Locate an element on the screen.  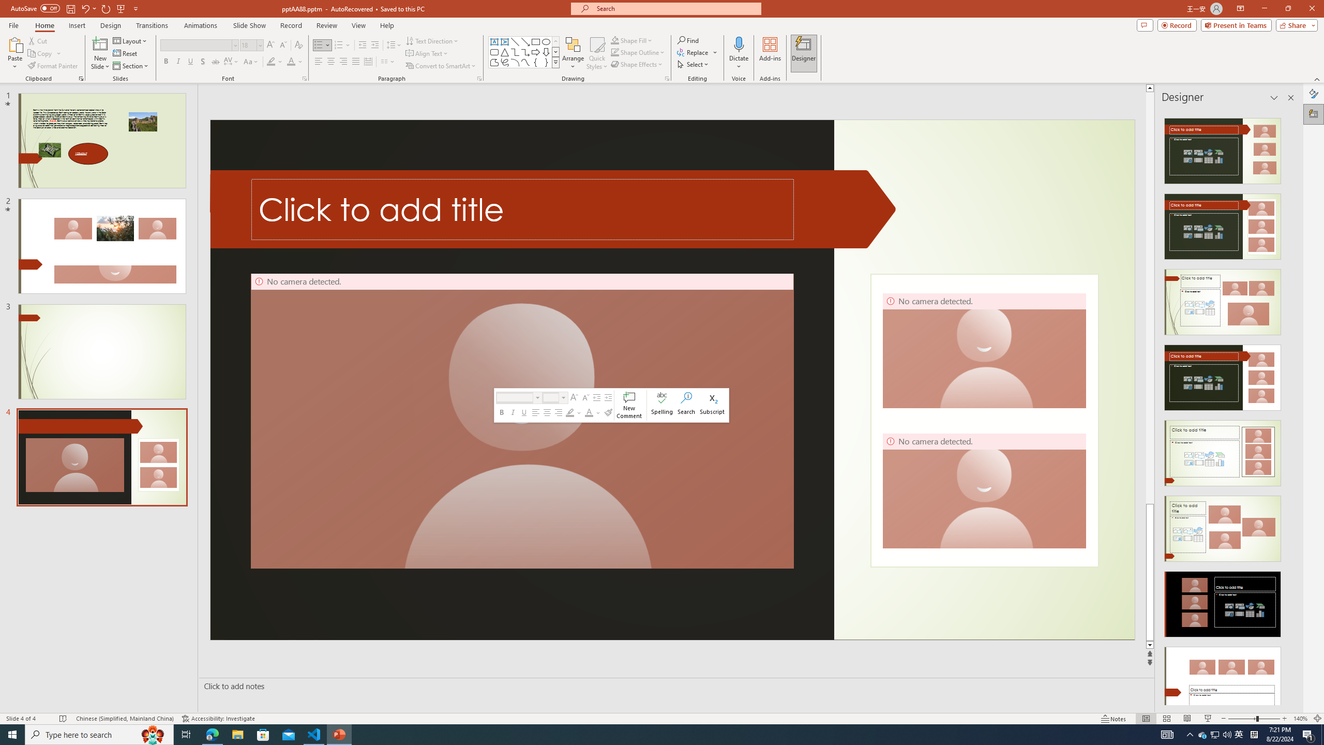
'Bullets' is located at coordinates (322, 45).